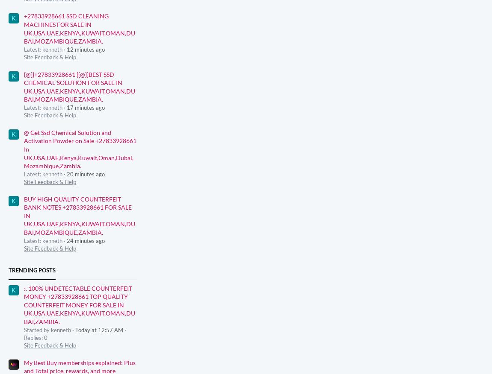 The height and width of the screenshot is (374, 492). What do you see at coordinates (253, 255) in the screenshot?
I see `'Windows Central is part of Future plc, an international media group and leading digital publisher.'` at bounding box center [253, 255].